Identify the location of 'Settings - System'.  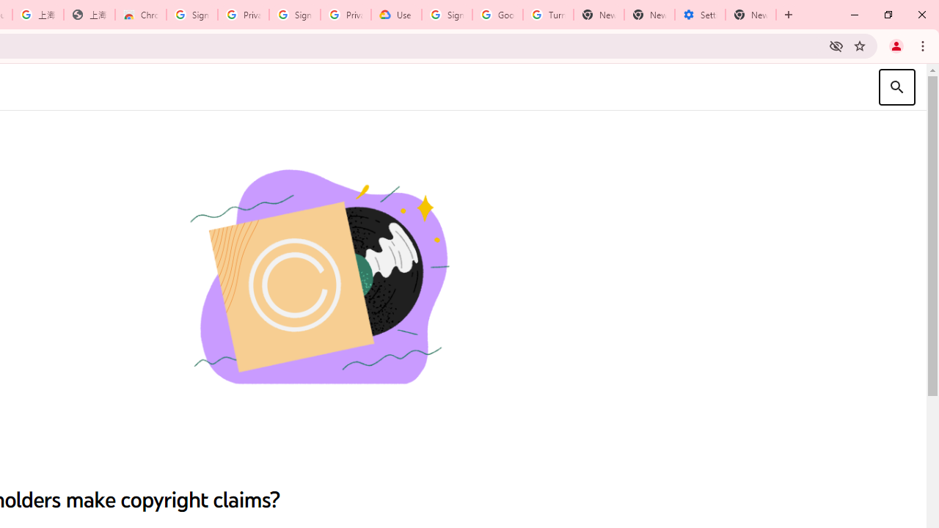
(699, 15).